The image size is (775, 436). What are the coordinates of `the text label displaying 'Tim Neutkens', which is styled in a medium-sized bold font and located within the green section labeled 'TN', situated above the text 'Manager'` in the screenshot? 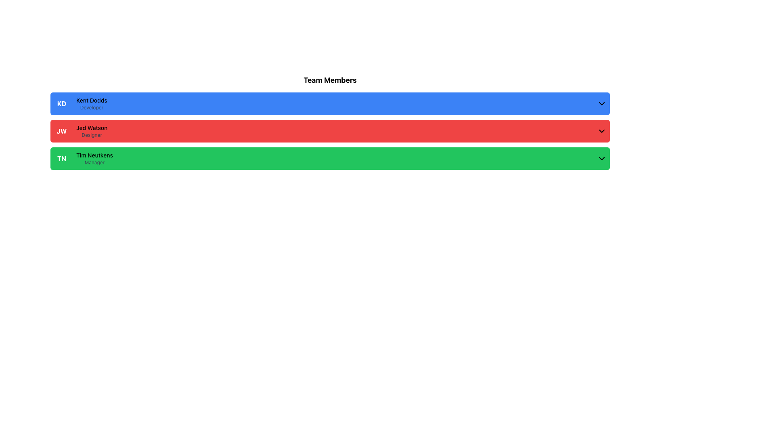 It's located at (94, 155).